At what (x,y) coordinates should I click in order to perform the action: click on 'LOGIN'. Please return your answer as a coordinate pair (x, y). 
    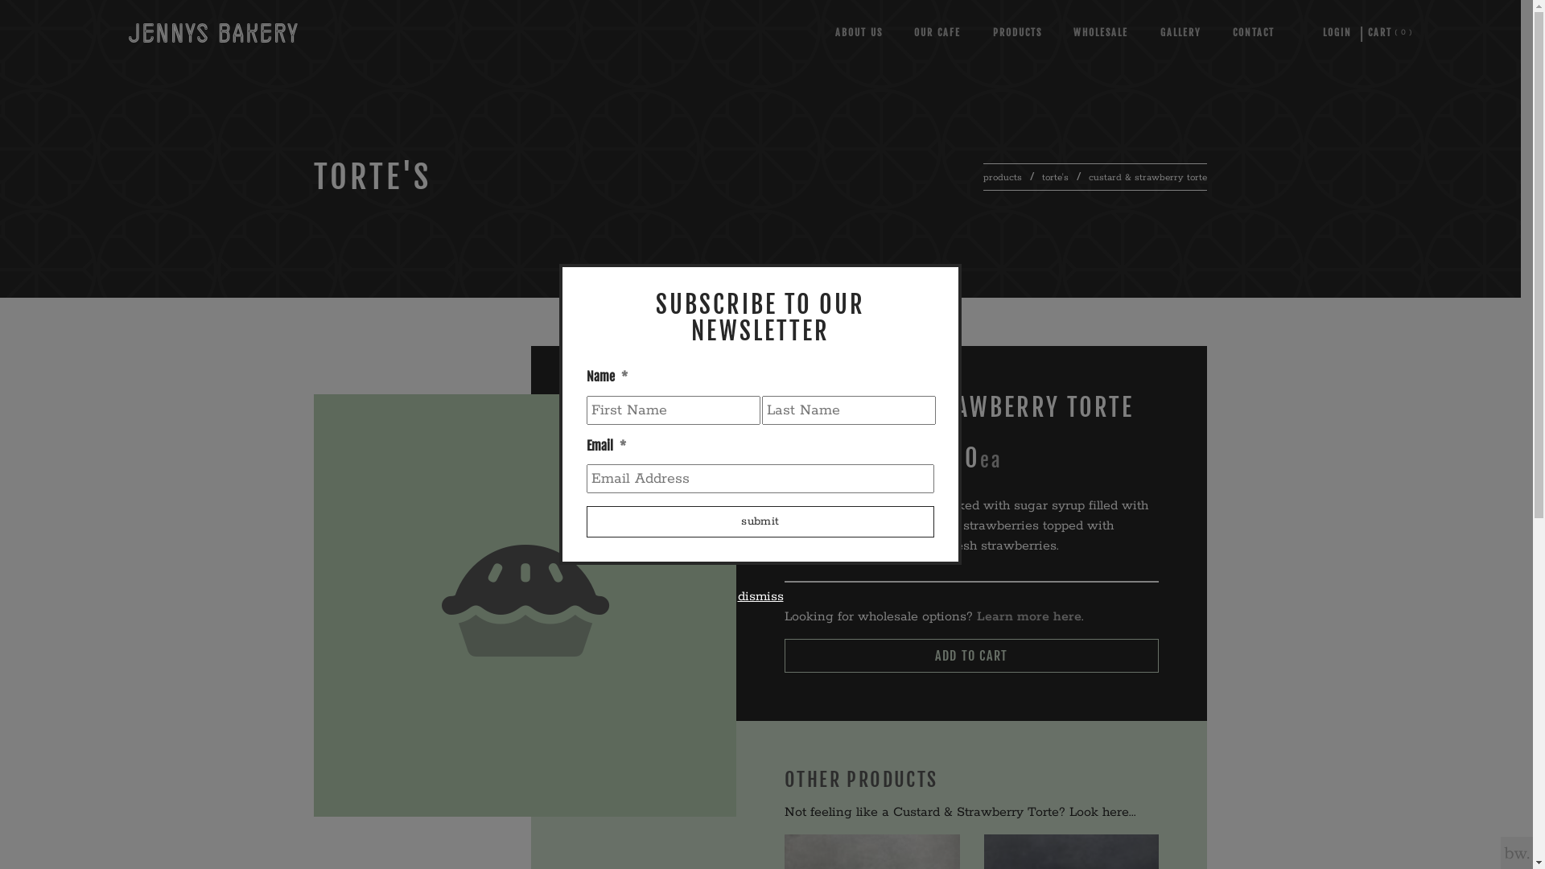
    Looking at the image, I should click on (1337, 32).